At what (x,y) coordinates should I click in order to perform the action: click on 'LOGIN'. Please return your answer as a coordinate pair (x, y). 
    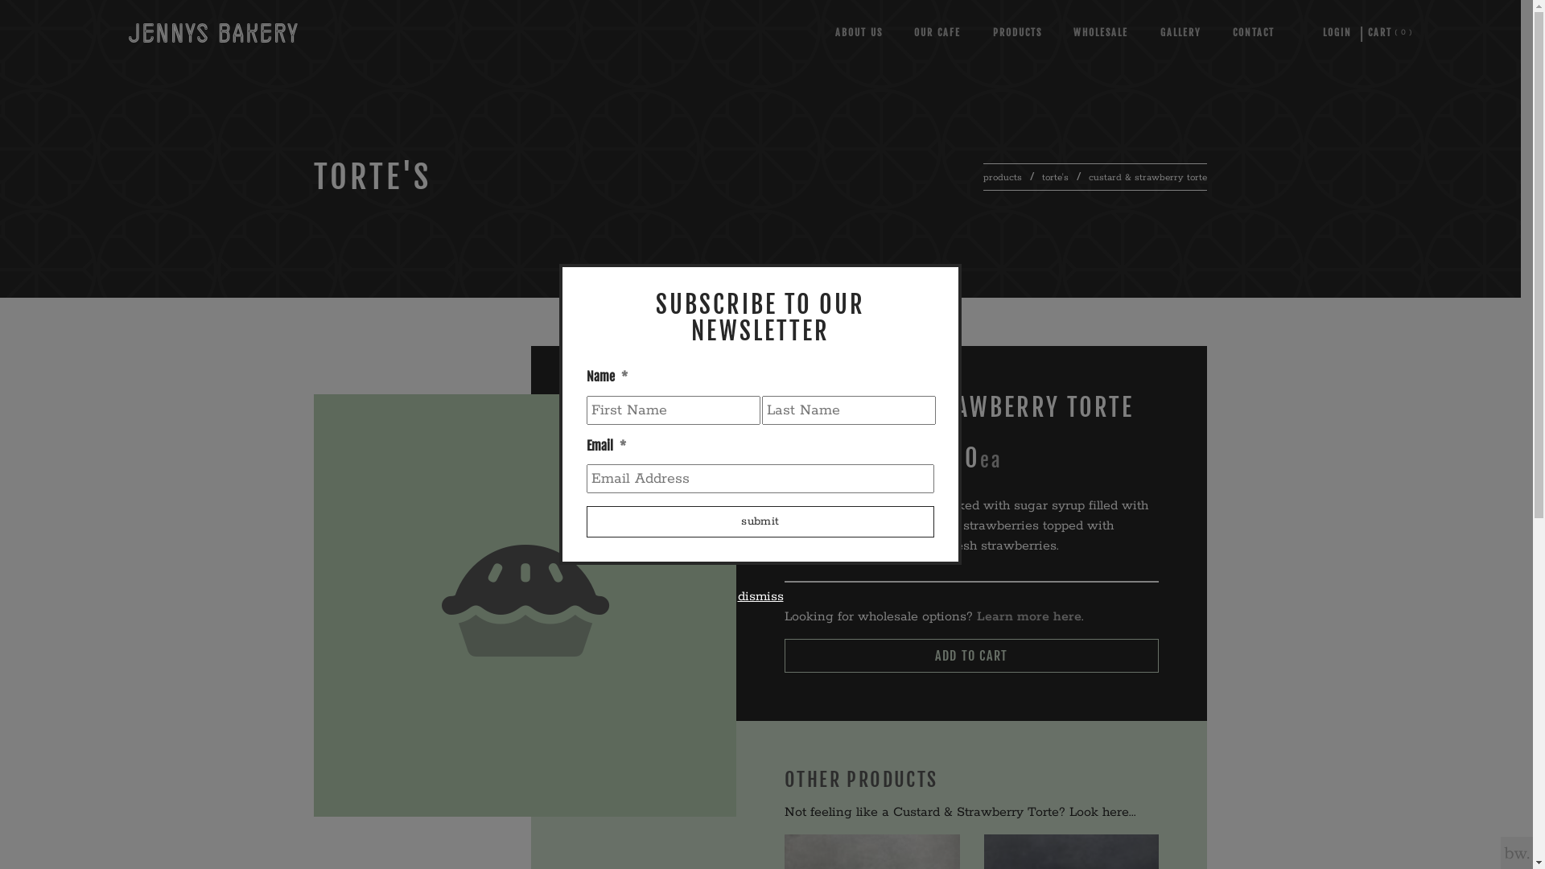
    Looking at the image, I should click on (1337, 32).